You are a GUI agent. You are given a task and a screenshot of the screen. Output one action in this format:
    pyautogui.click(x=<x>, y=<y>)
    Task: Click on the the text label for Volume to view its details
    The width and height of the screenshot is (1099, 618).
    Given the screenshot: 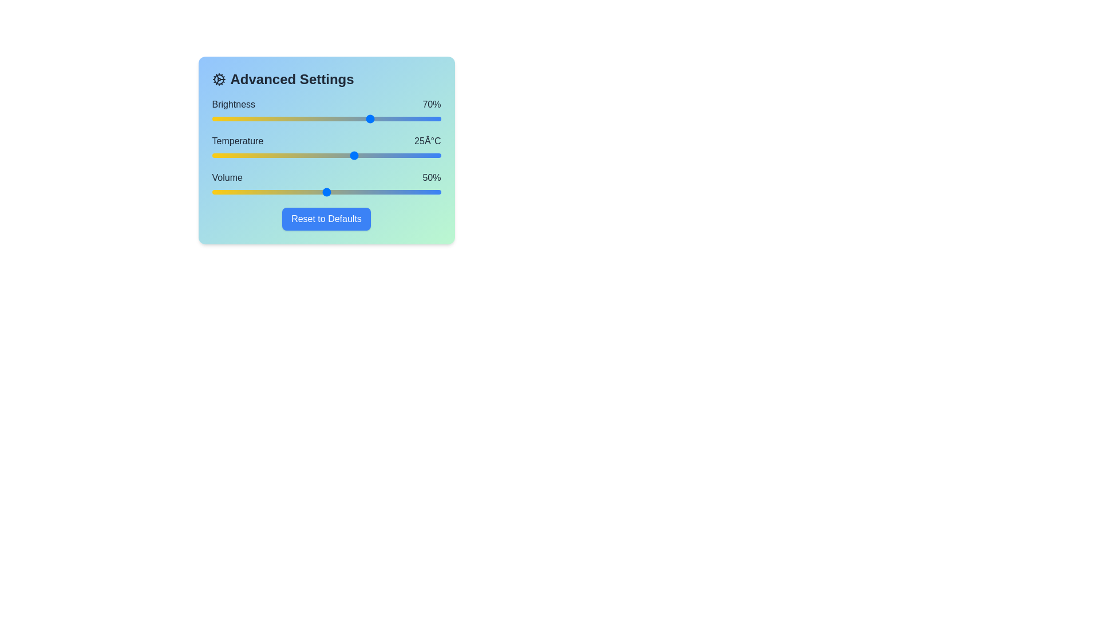 What is the action you would take?
    pyautogui.click(x=227, y=178)
    